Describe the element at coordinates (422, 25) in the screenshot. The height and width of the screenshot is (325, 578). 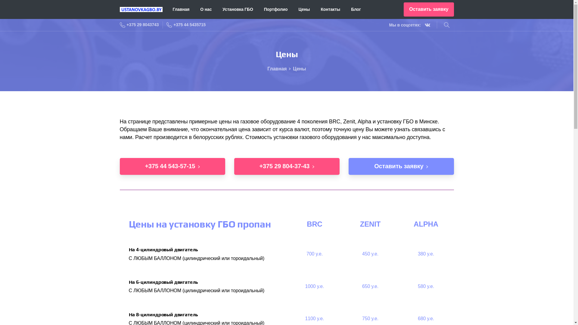
I see `'VK'` at that location.